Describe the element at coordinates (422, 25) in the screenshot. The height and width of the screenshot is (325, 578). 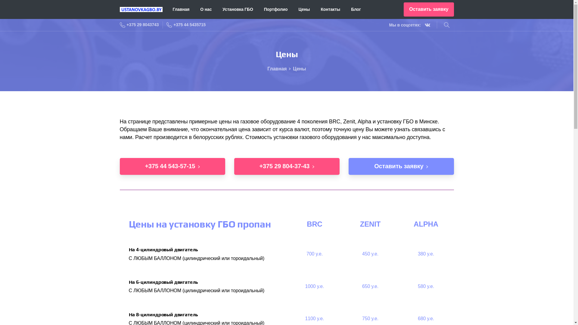
I see `'VK'` at that location.